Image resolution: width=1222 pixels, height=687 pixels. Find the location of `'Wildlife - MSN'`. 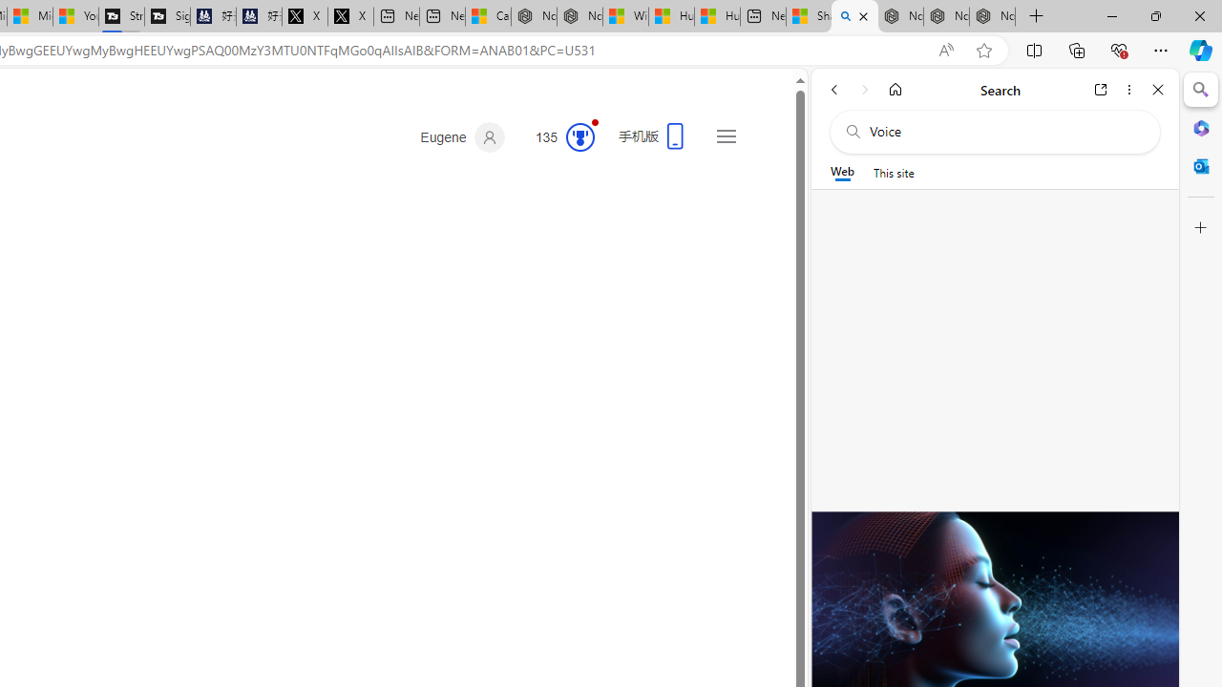

'Wildlife - MSN' is located at coordinates (626, 16).